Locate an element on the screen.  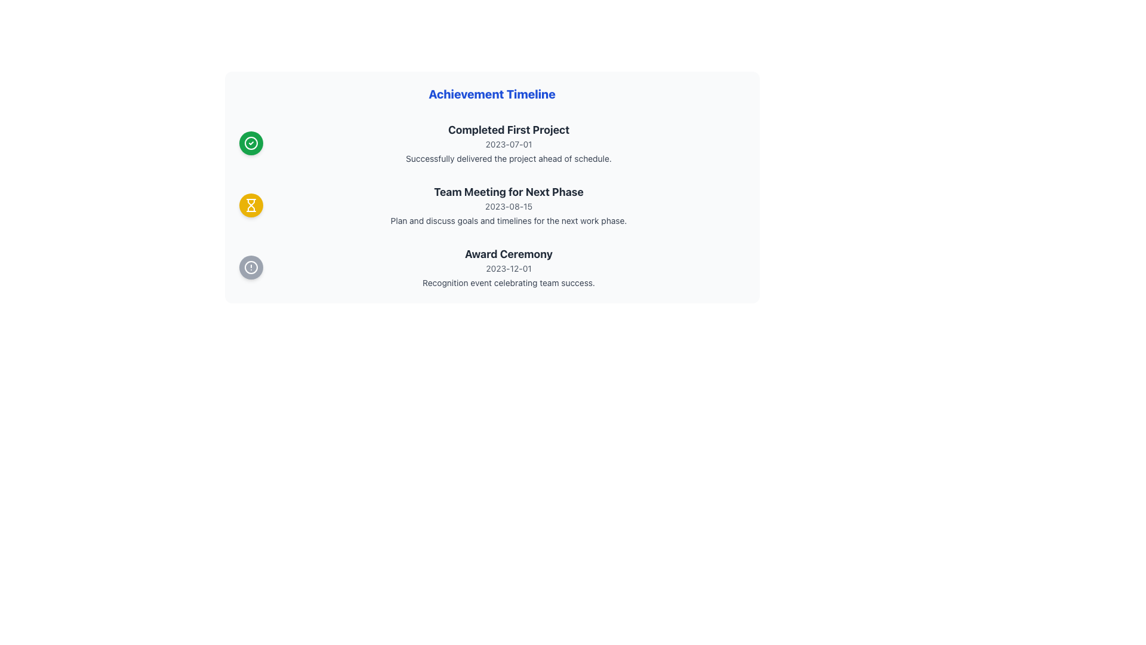
the circular gray icon with a white outline and alert indication, located in the left section of the layout group for the 'Award Ceremony' is located at coordinates (250, 266).